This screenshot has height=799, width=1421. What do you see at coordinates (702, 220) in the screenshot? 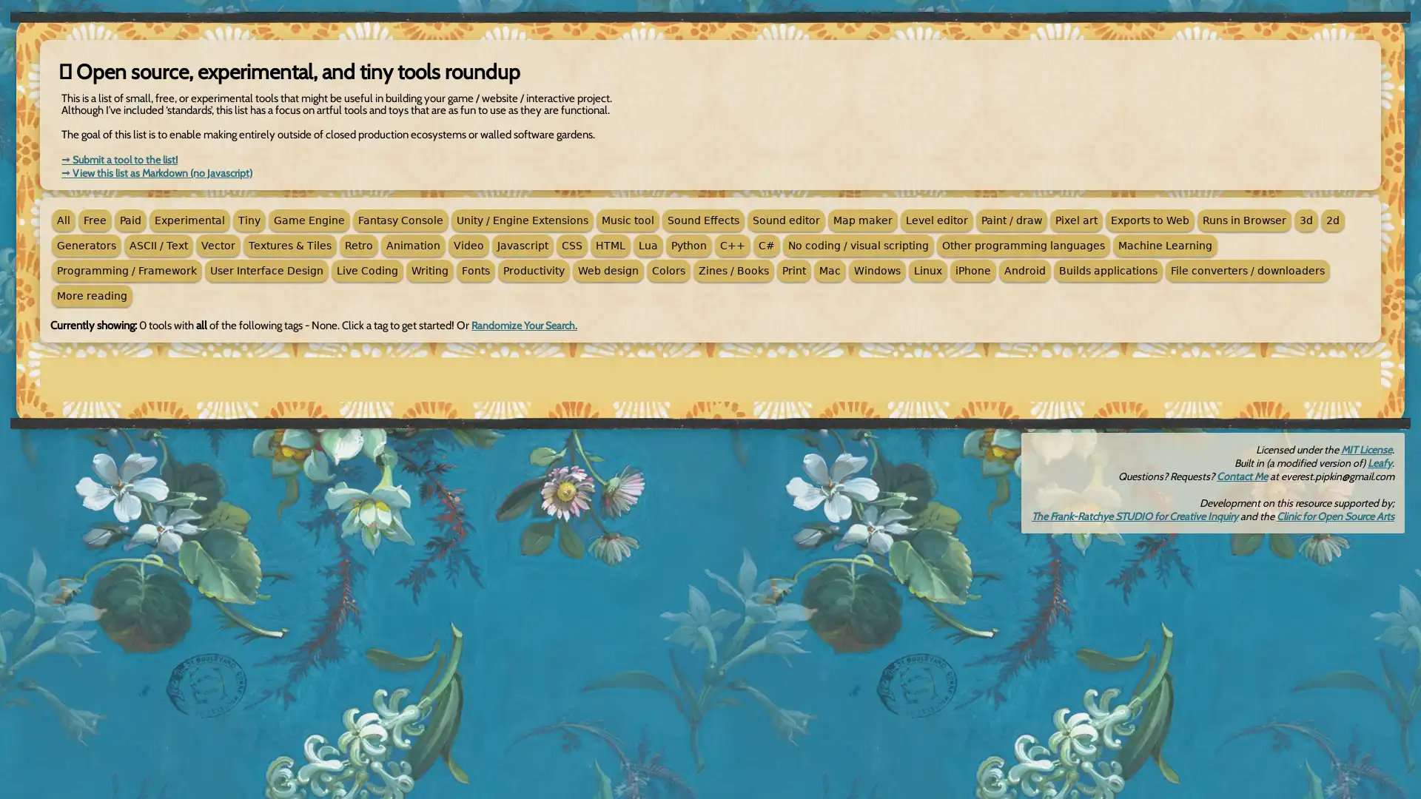
I see `Sound Effects` at bounding box center [702, 220].